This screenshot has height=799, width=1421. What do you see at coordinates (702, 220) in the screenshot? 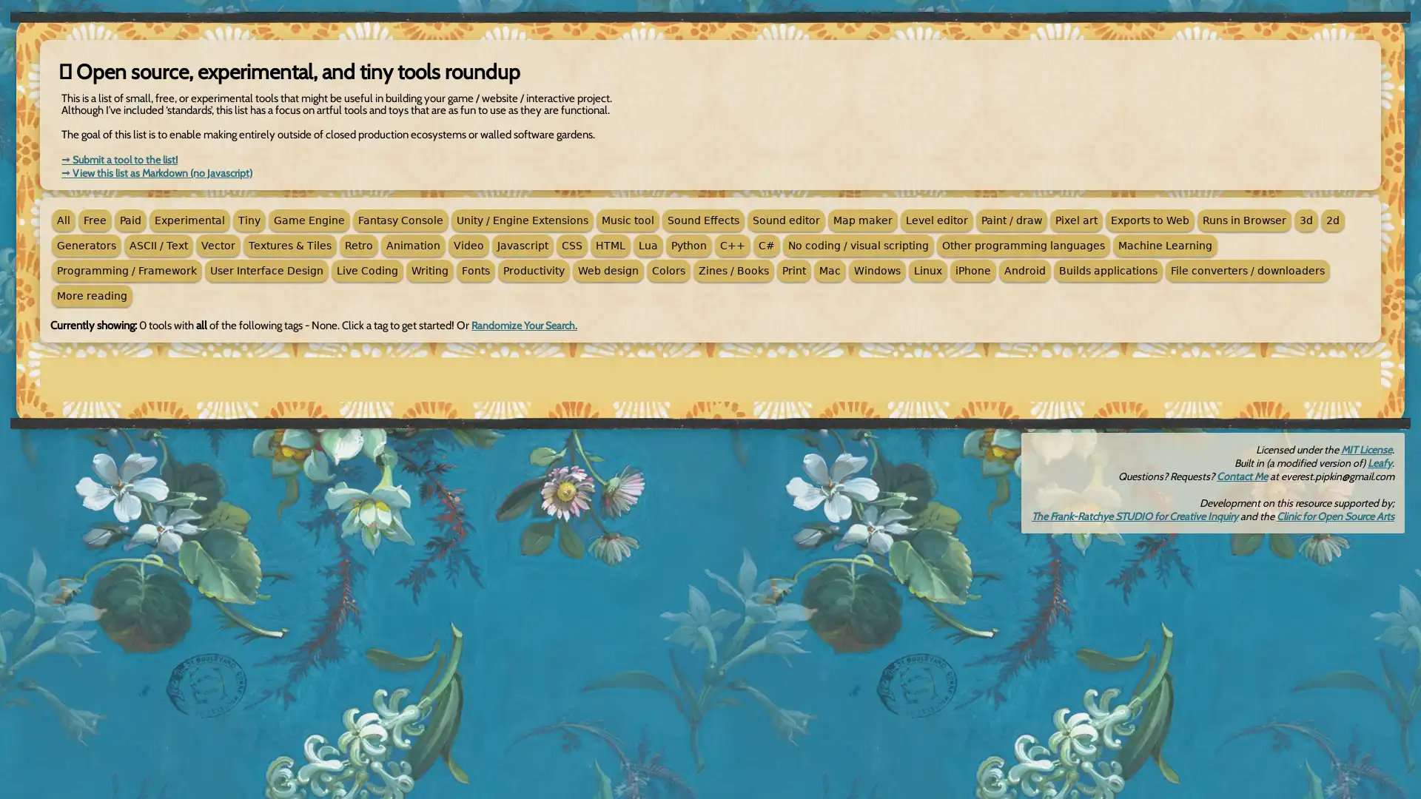
I see `Sound Effects` at bounding box center [702, 220].